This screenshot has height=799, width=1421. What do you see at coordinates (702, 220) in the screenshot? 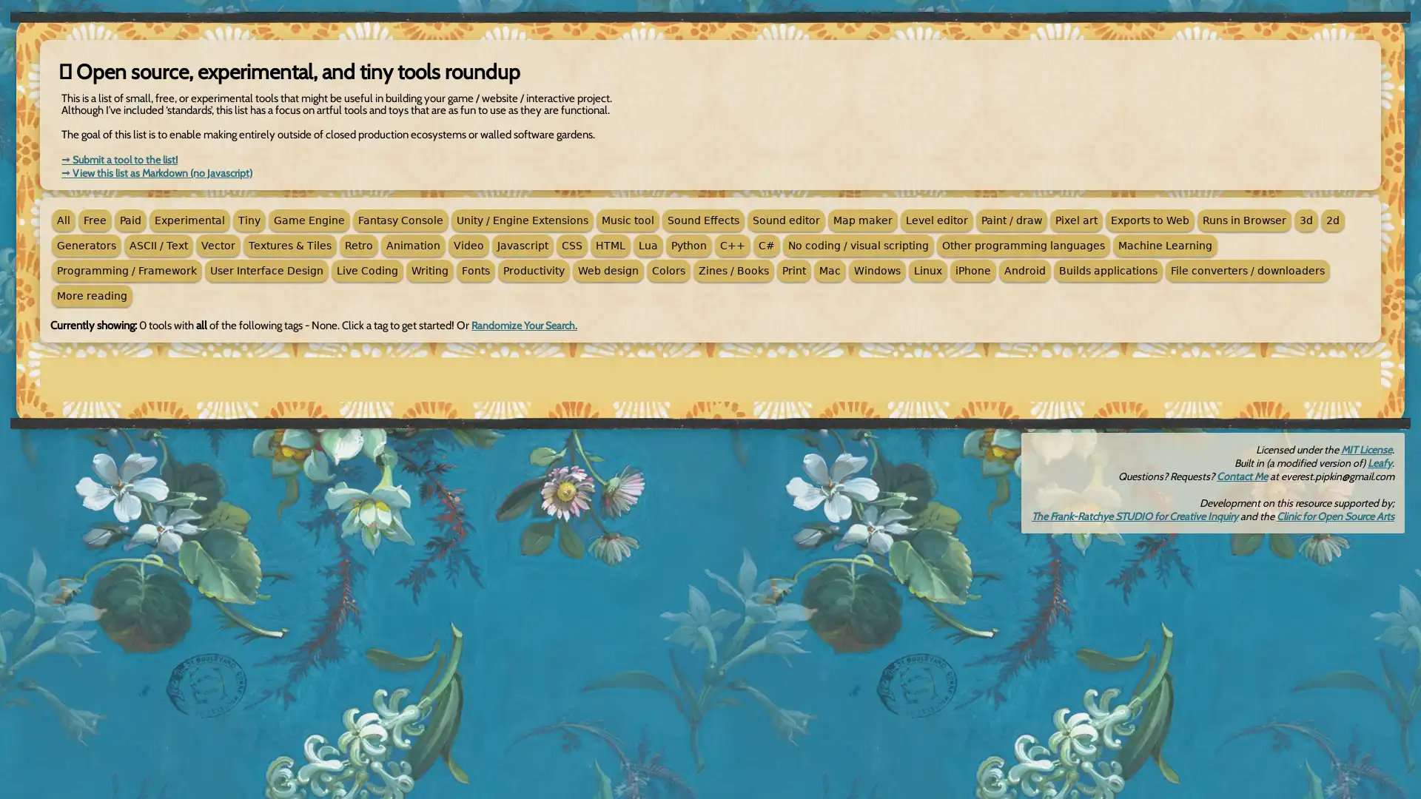
I see `Sound Effects` at bounding box center [702, 220].